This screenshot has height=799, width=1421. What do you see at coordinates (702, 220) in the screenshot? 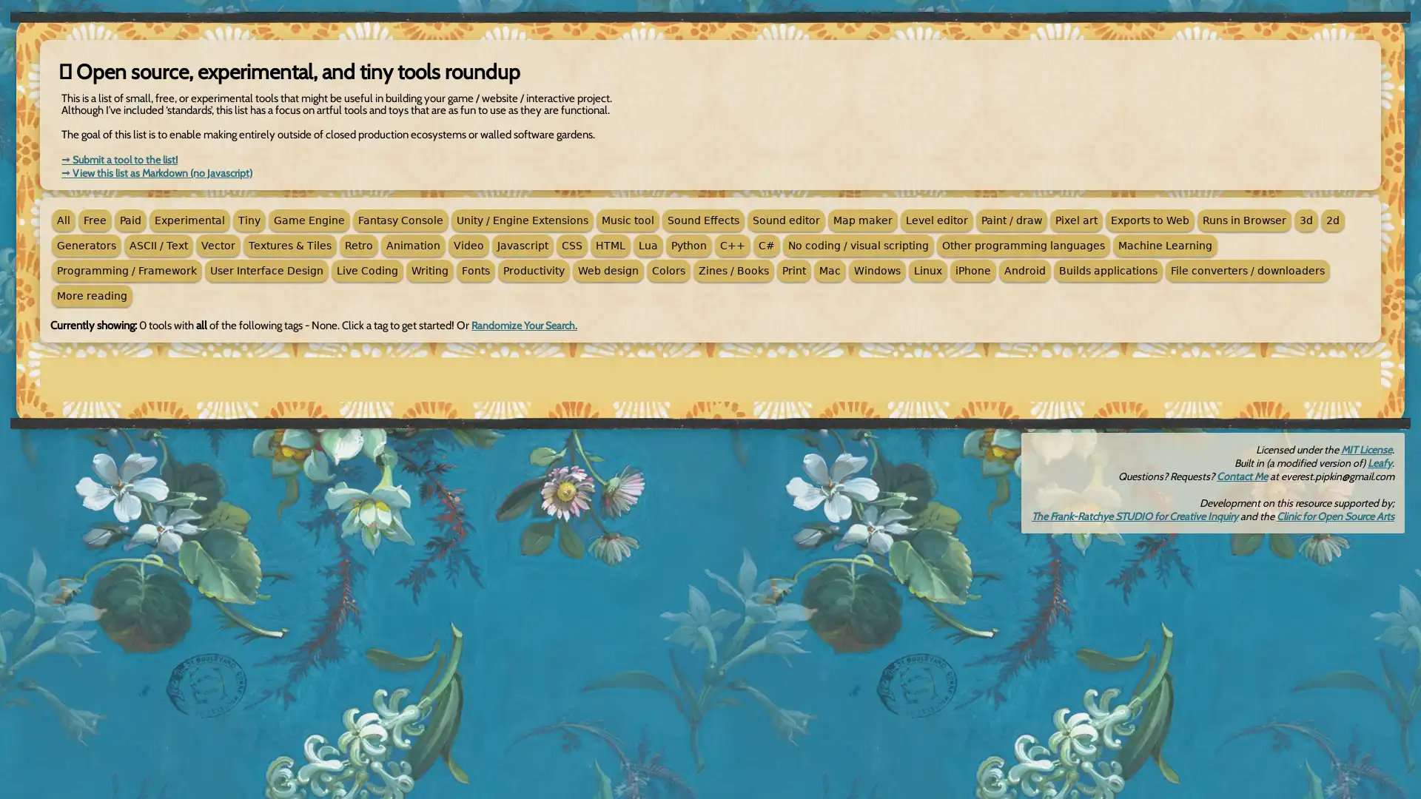
I see `Sound Effects` at bounding box center [702, 220].